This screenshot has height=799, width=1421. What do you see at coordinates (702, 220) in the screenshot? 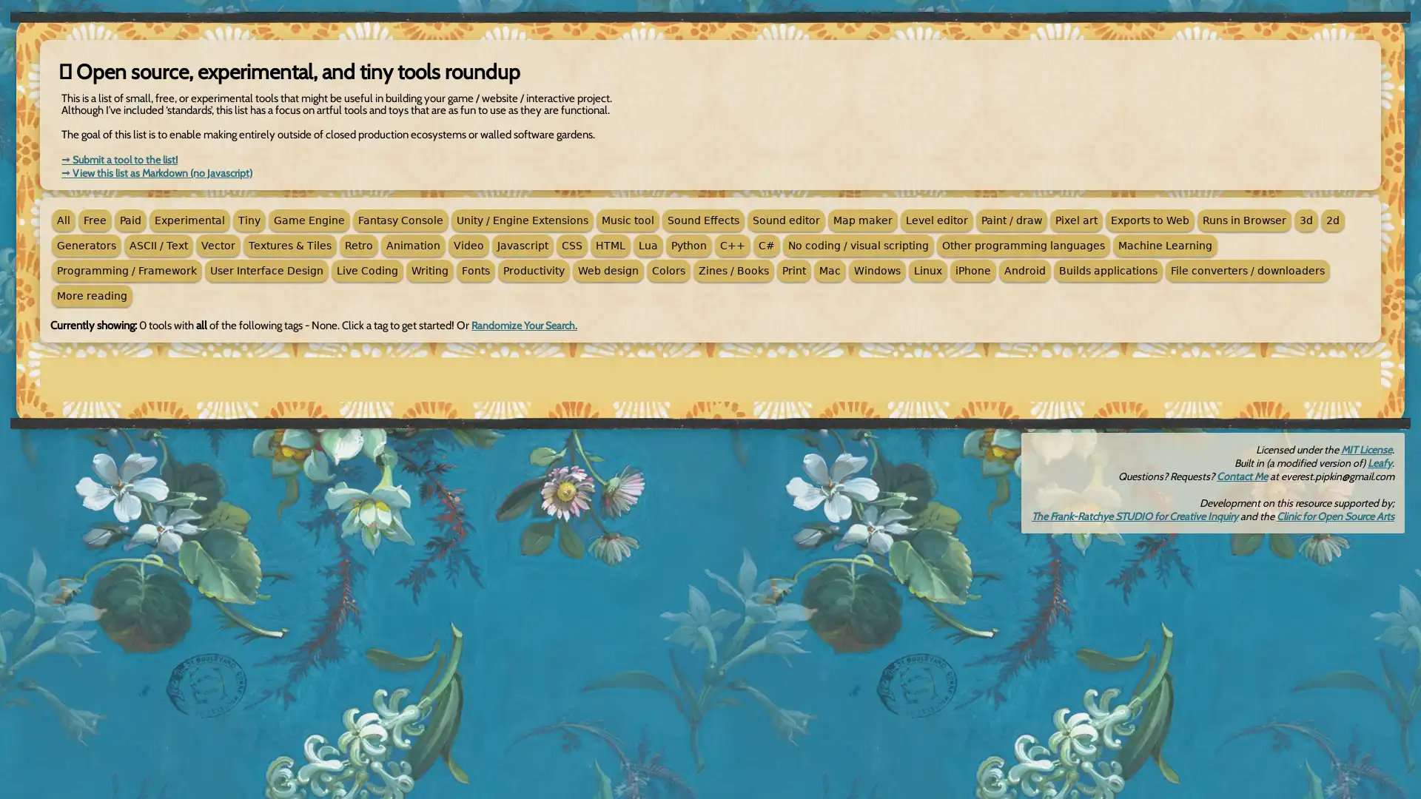
I see `Sound Effects` at bounding box center [702, 220].